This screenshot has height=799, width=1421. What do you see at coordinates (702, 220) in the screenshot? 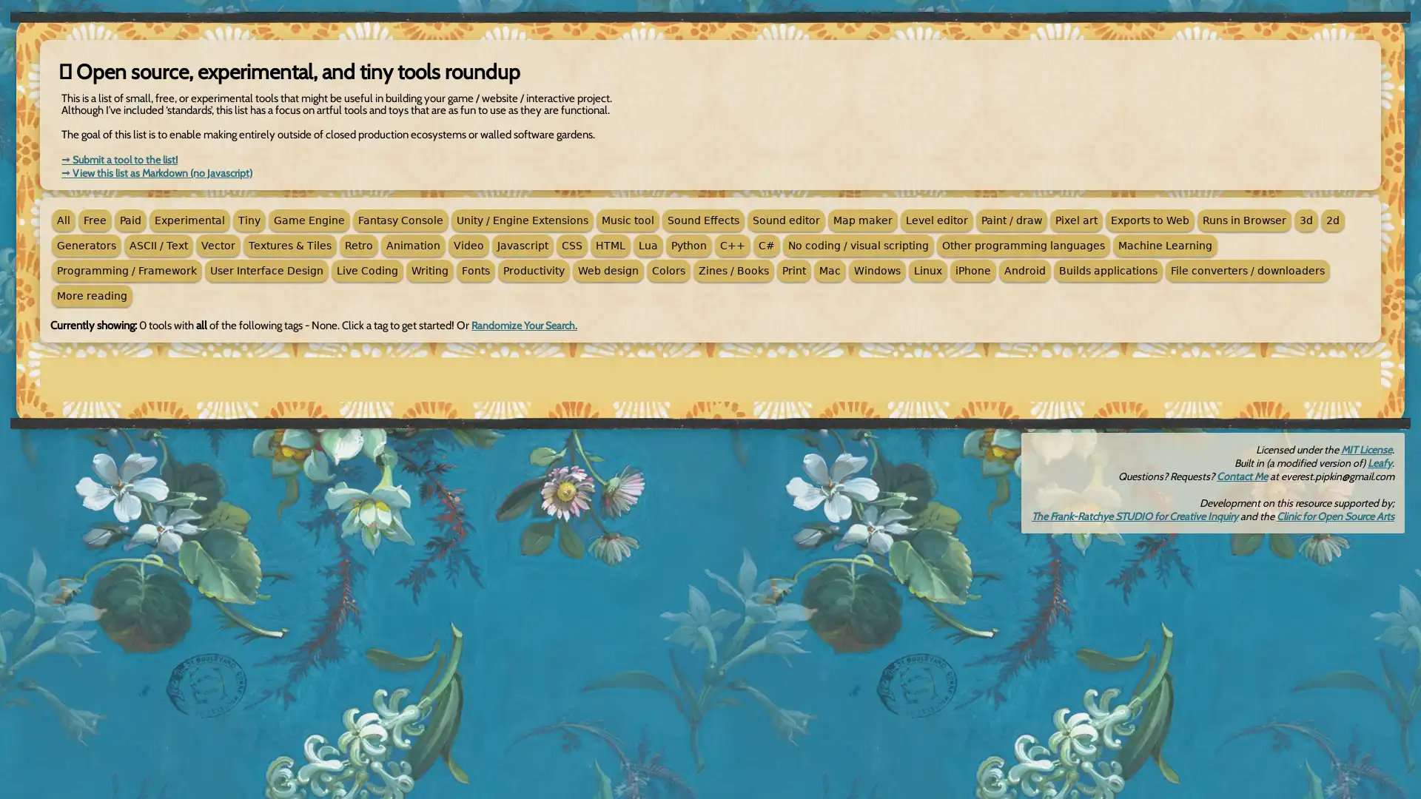
I see `Sound Effects` at bounding box center [702, 220].